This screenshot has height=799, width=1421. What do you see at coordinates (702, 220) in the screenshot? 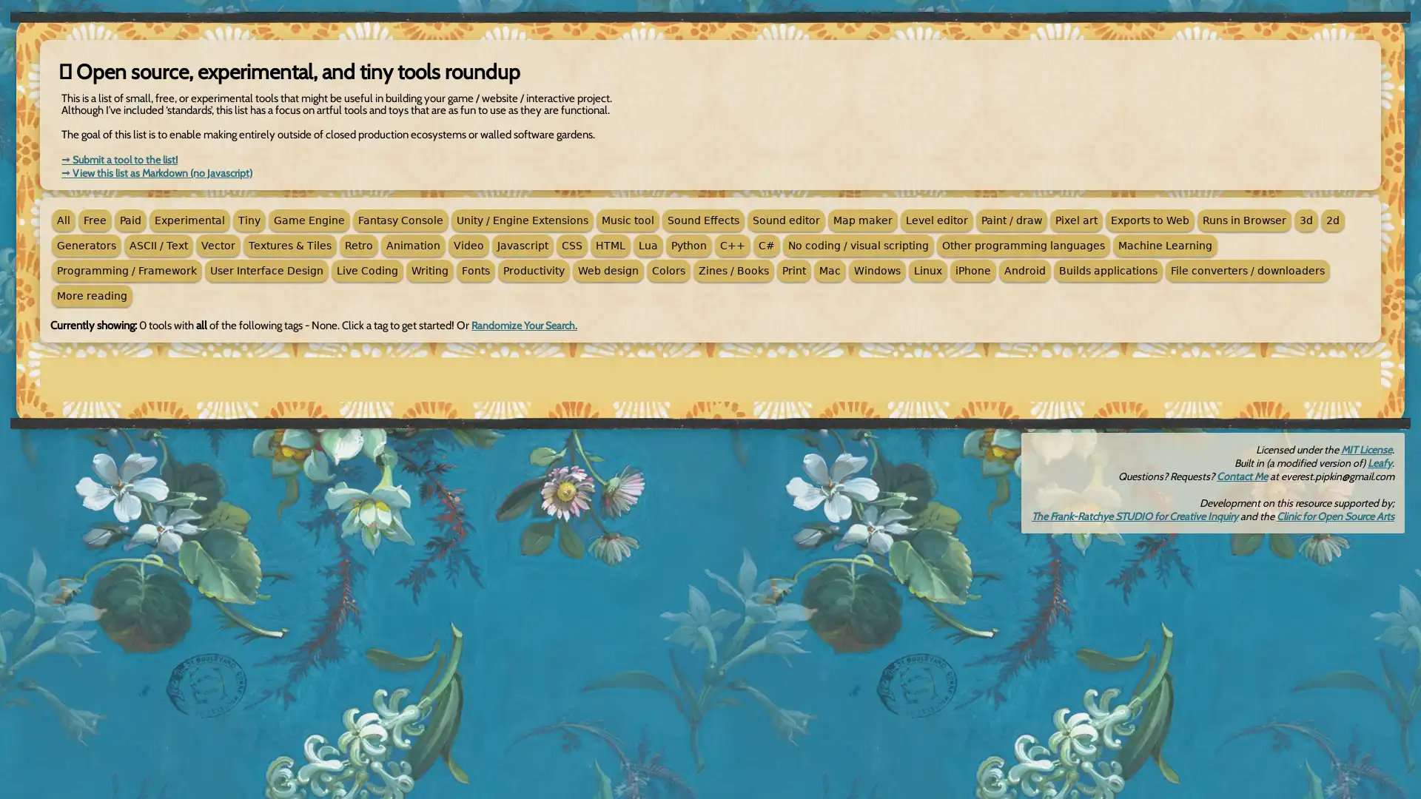
I see `Sound Effects` at bounding box center [702, 220].